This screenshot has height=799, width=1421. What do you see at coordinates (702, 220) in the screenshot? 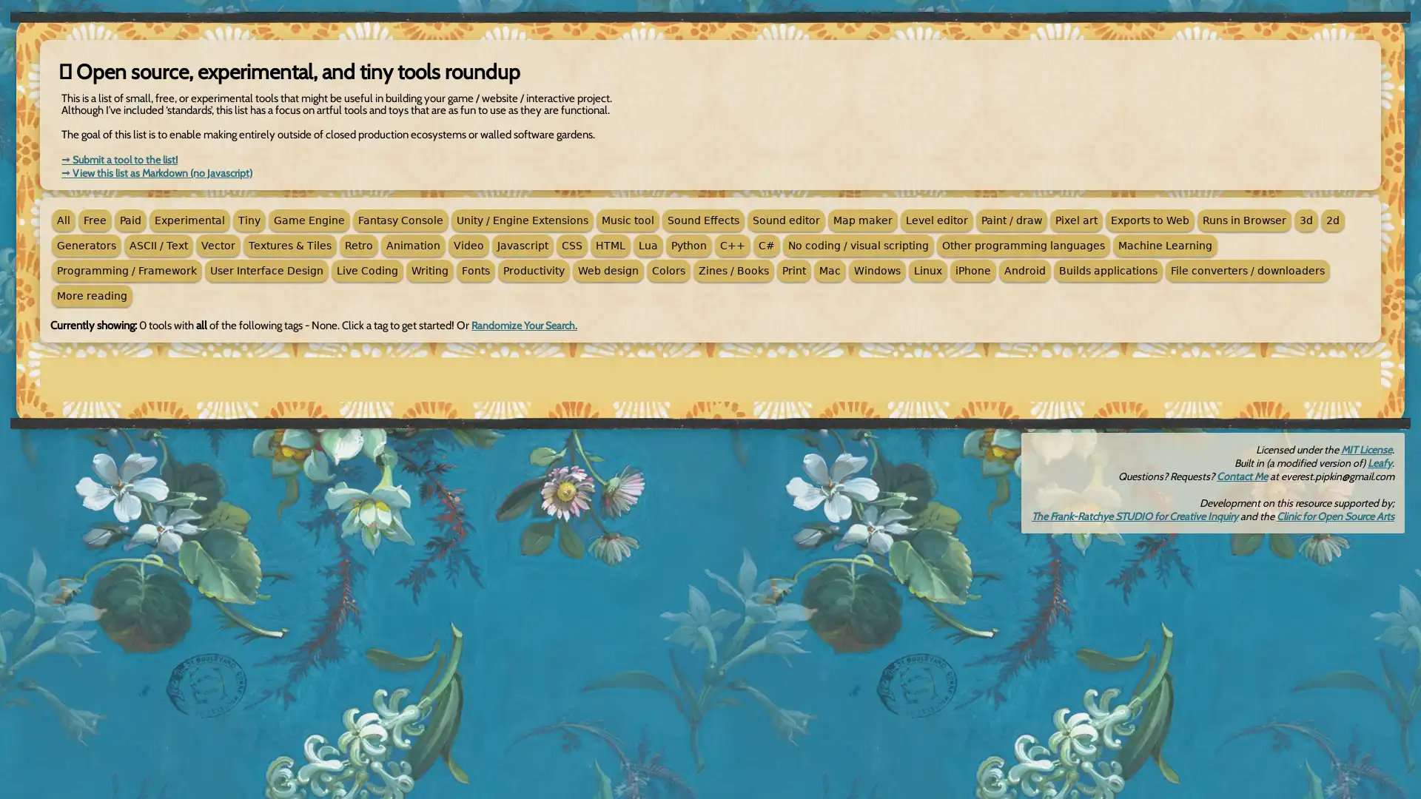
I see `Sound Effects` at bounding box center [702, 220].